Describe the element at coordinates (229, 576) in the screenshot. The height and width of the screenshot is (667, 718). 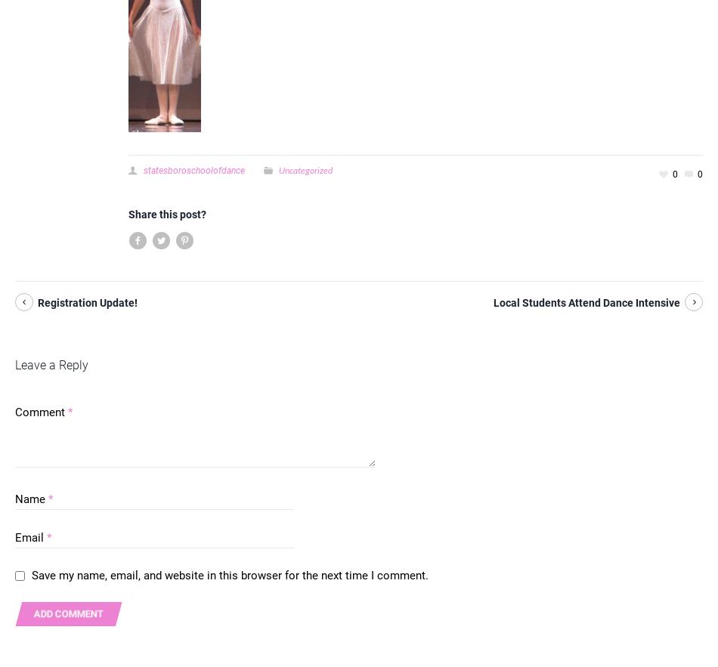
I see `'Save my name, email, and website in this browser for the next time I comment.'` at that location.